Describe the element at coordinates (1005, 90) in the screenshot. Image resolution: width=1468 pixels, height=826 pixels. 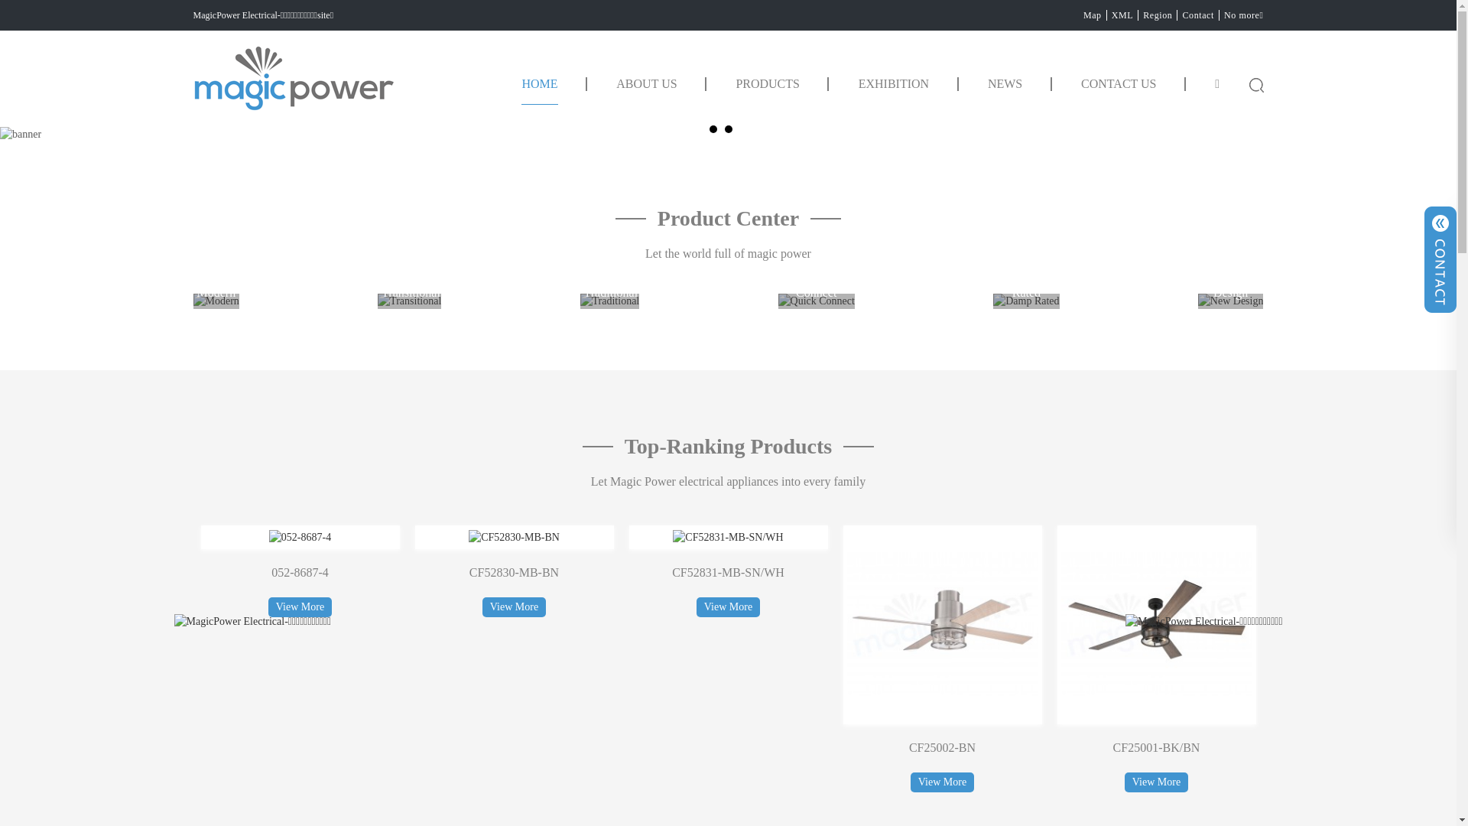
I see `'NEWS'` at that location.